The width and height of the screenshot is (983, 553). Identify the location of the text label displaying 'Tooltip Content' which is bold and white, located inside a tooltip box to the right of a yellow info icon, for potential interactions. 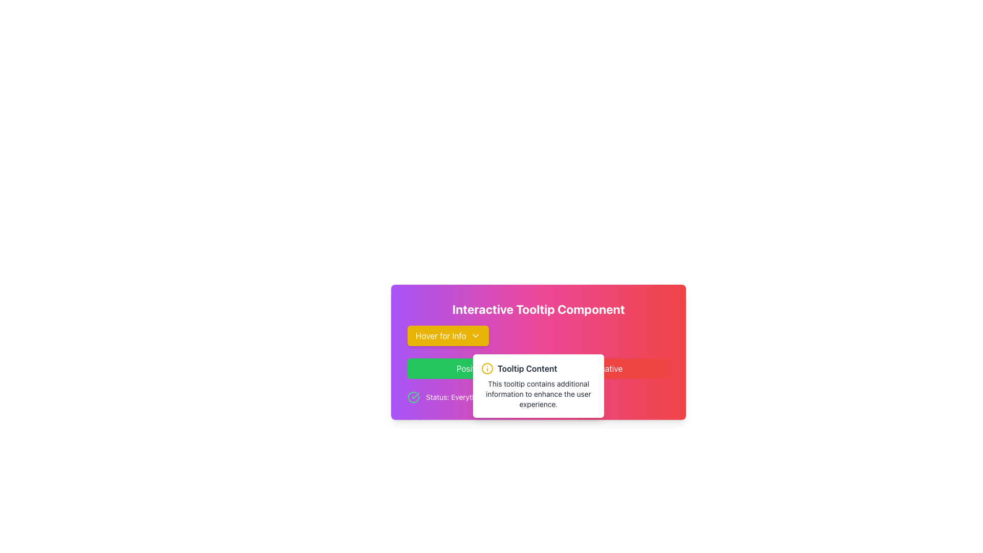
(527, 369).